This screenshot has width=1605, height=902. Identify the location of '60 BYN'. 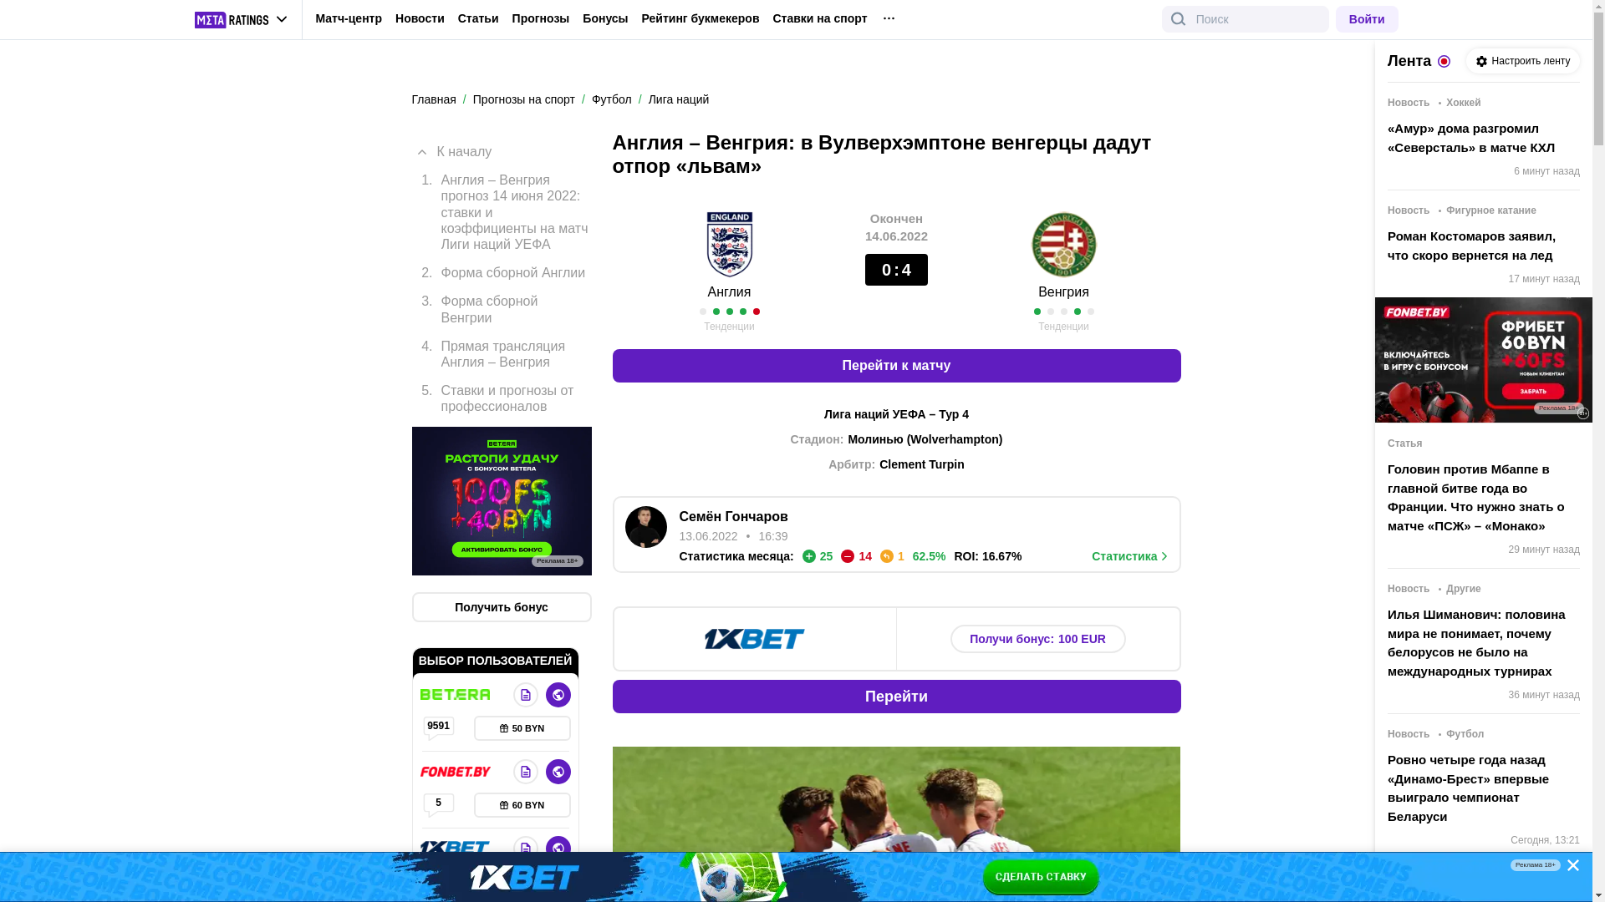
(472, 804).